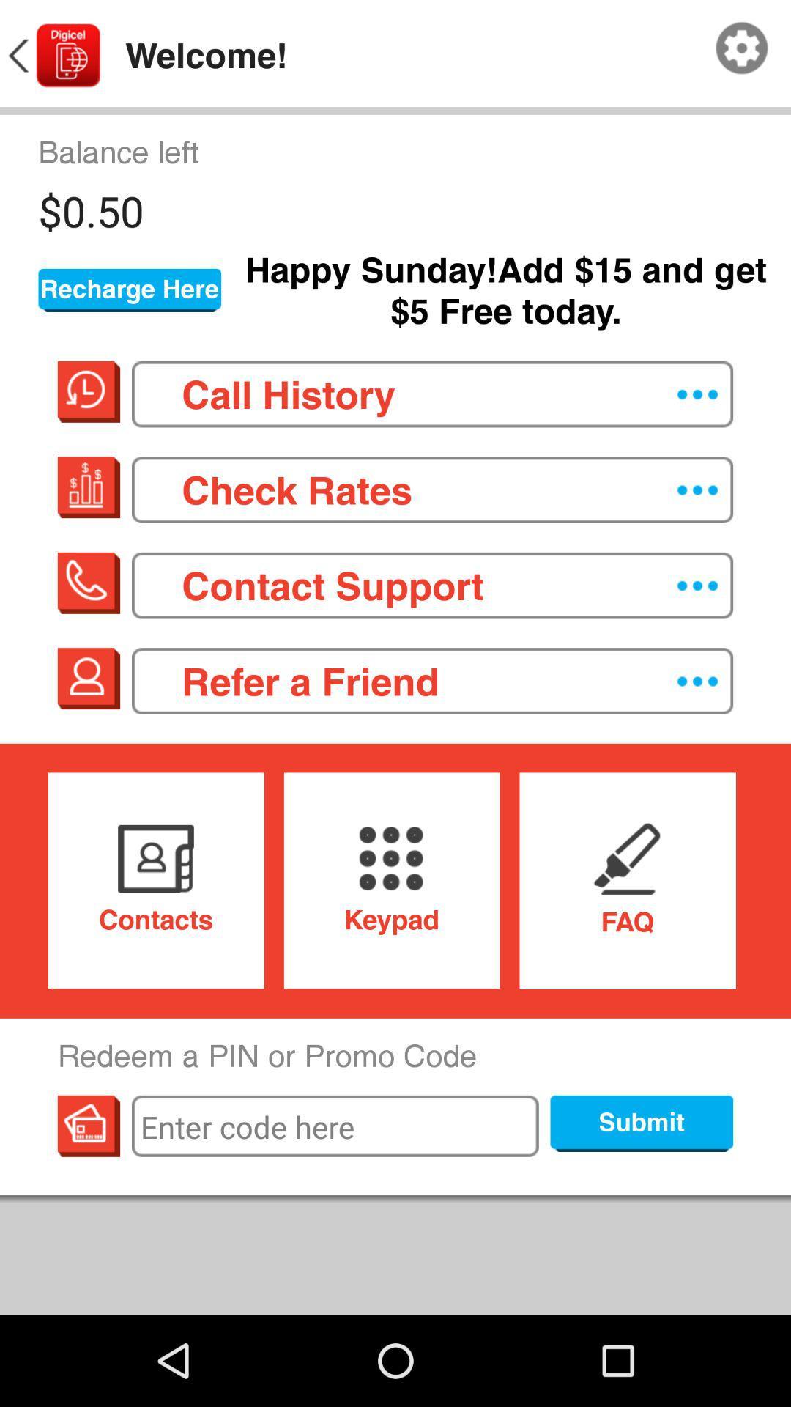 The image size is (791, 1407). What do you see at coordinates (431, 490) in the screenshot?
I see `the check rates` at bounding box center [431, 490].